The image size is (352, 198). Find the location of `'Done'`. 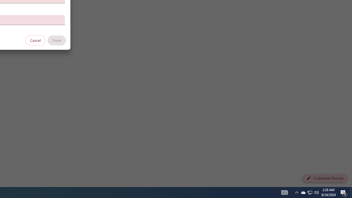

'Done' is located at coordinates (57, 40).